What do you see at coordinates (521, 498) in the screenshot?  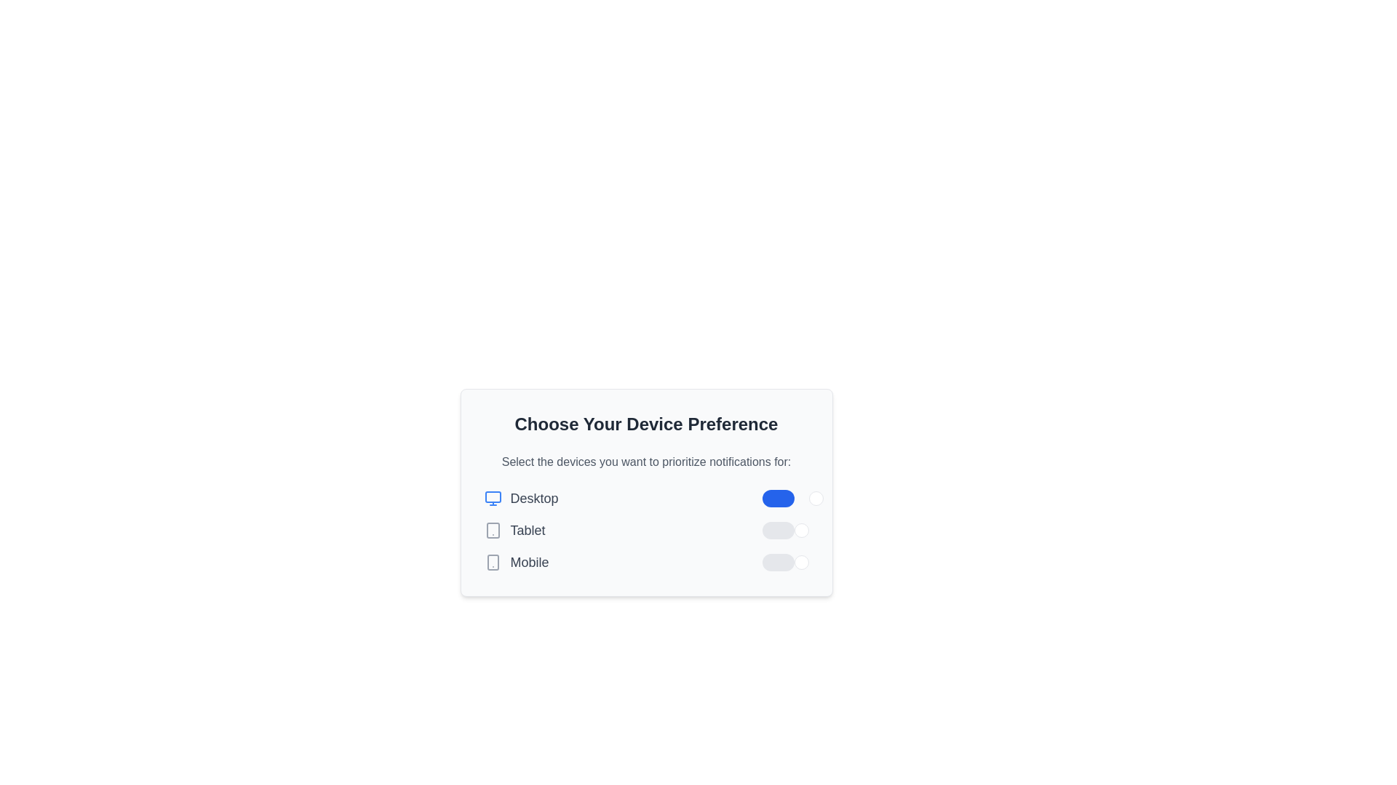 I see `the 'Desktop' text label, which is styled with a light gray font color and is located in the topmost row of the device list, next to a toggle switch` at bounding box center [521, 498].